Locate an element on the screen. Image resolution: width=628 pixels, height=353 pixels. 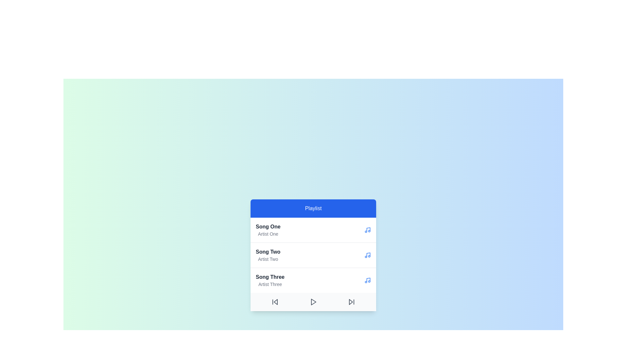
the play/pause button to toggle the playback state is located at coordinates (313, 302).